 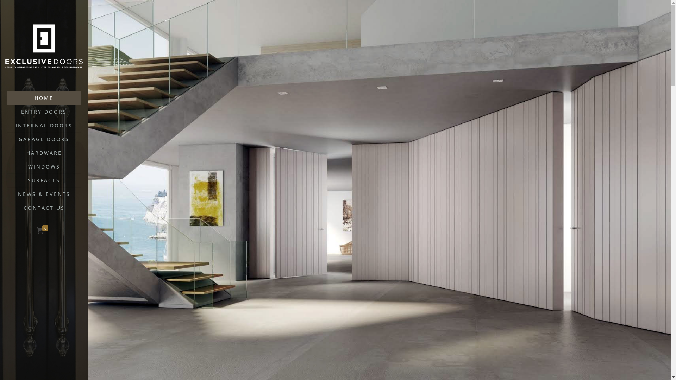 I want to click on 'INTERNAL DOORS', so click(x=43, y=125).